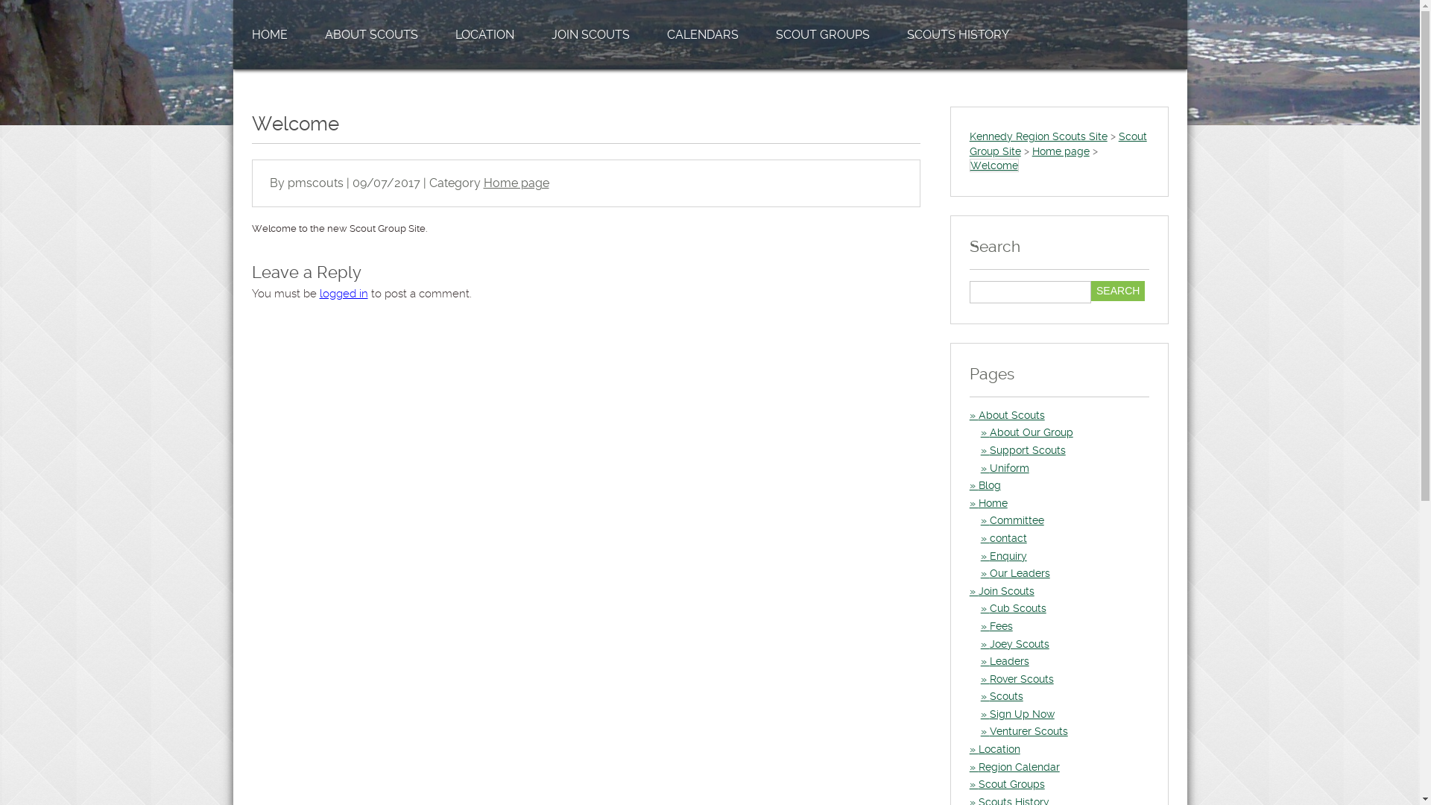 The height and width of the screenshot is (805, 1431). What do you see at coordinates (342, 293) in the screenshot?
I see `'logged in'` at bounding box center [342, 293].